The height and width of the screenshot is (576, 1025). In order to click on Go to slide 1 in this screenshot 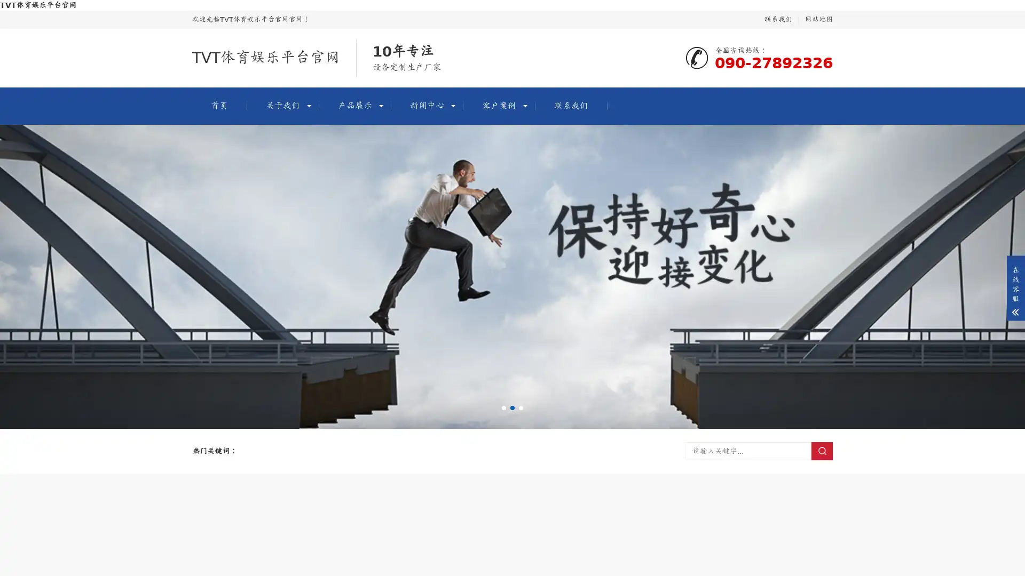, I will do `click(503, 407)`.